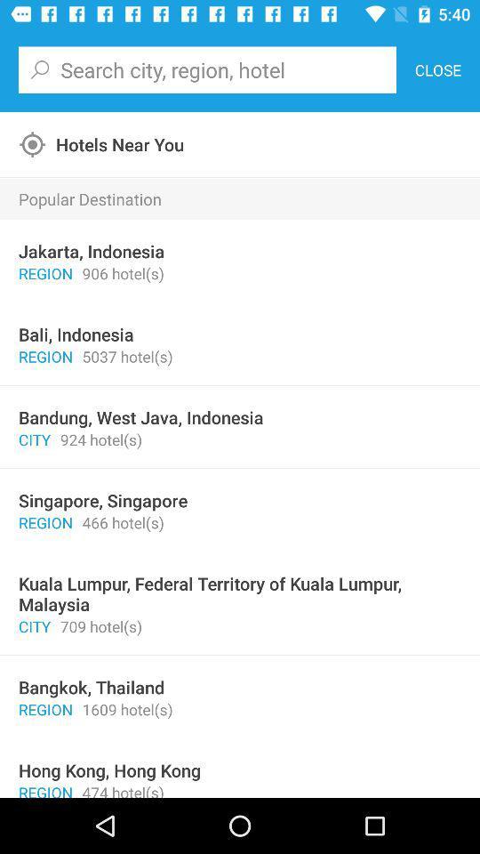 This screenshot has width=480, height=854. I want to click on the close icon, so click(436, 69).